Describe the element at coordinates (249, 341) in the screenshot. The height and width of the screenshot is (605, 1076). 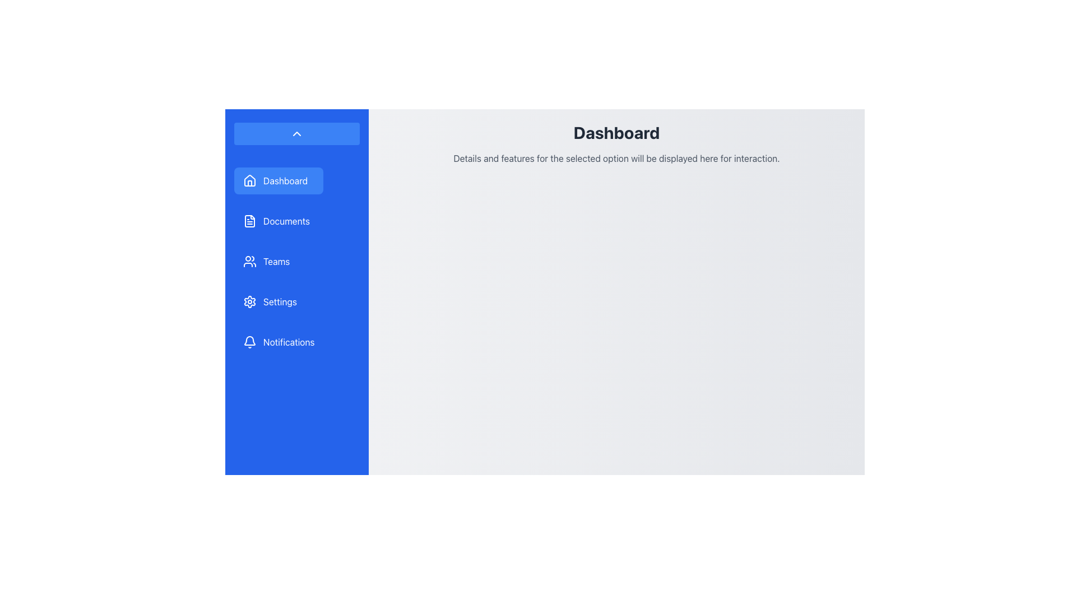
I see `the bell icon representing the 'Notifications' section in the vertical navigation bar, located below the 'Settings' menu item` at that location.